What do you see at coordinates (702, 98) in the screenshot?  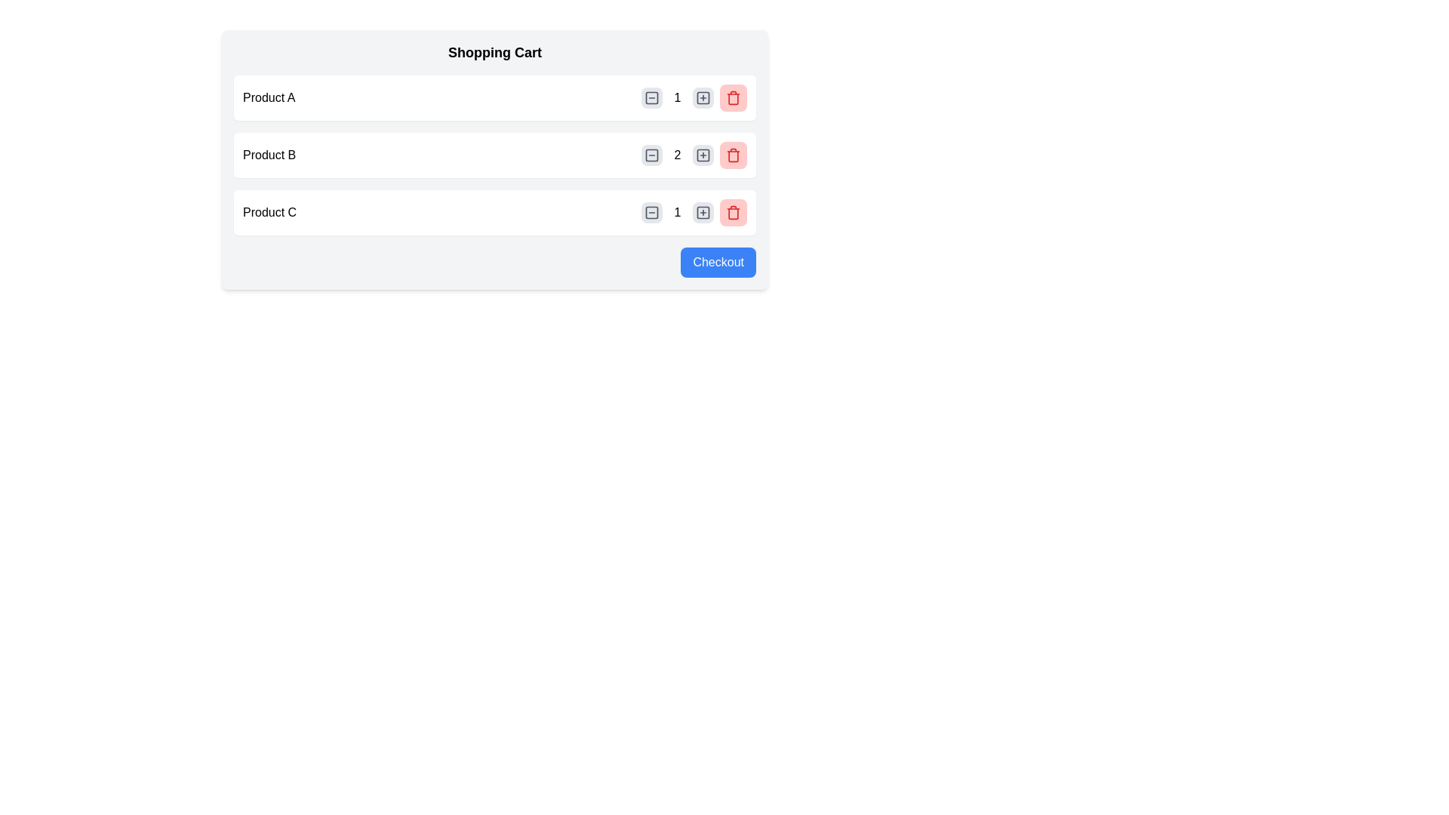 I see `the increment button located to the immediate right of the numeric quantity '1' for 'Product A' in the shopping cart interface to increase the quantity by one` at bounding box center [702, 98].